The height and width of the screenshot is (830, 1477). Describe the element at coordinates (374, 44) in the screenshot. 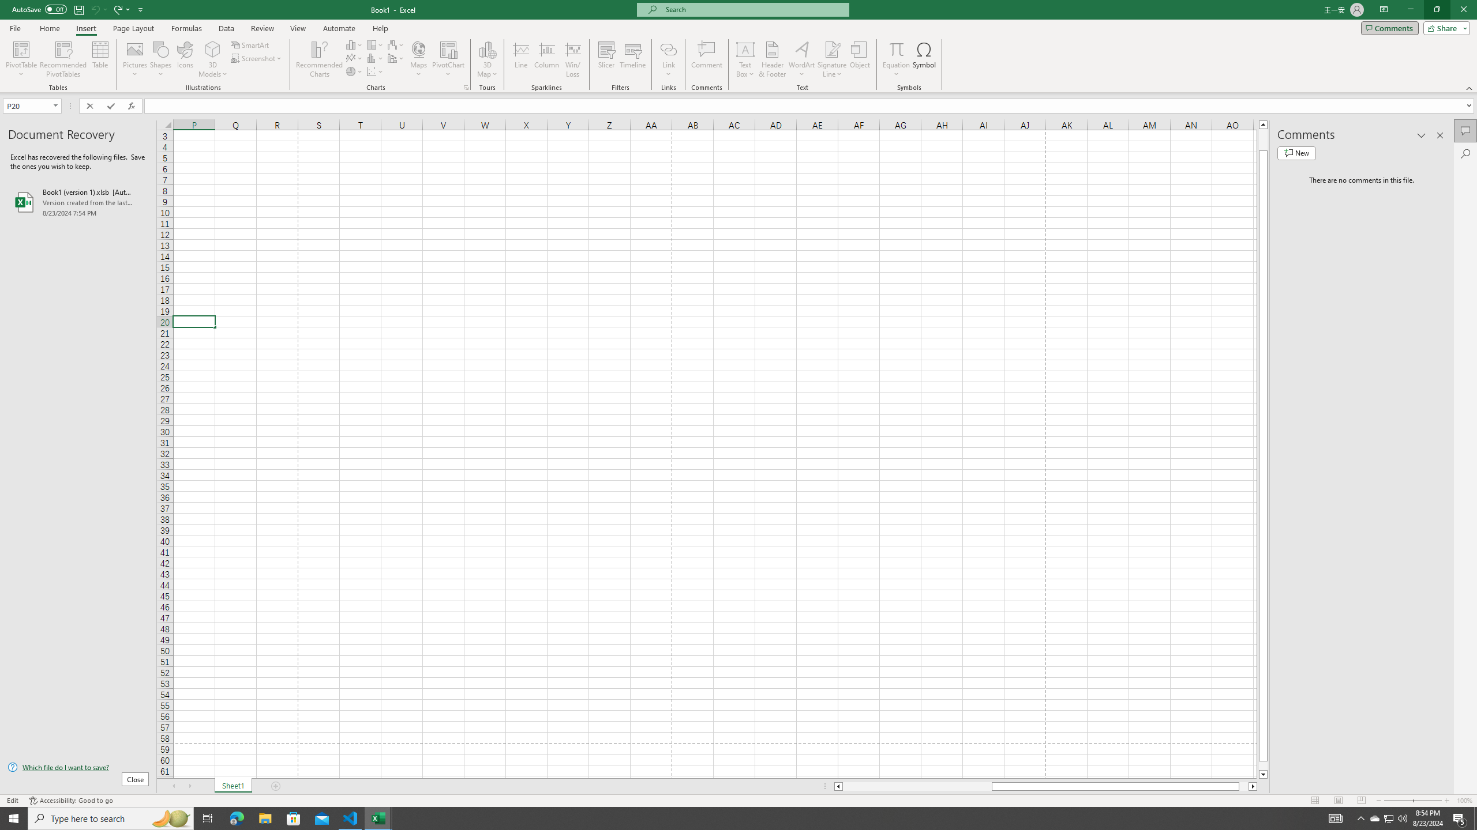

I see `'Insert Hierarchy Chart'` at that location.